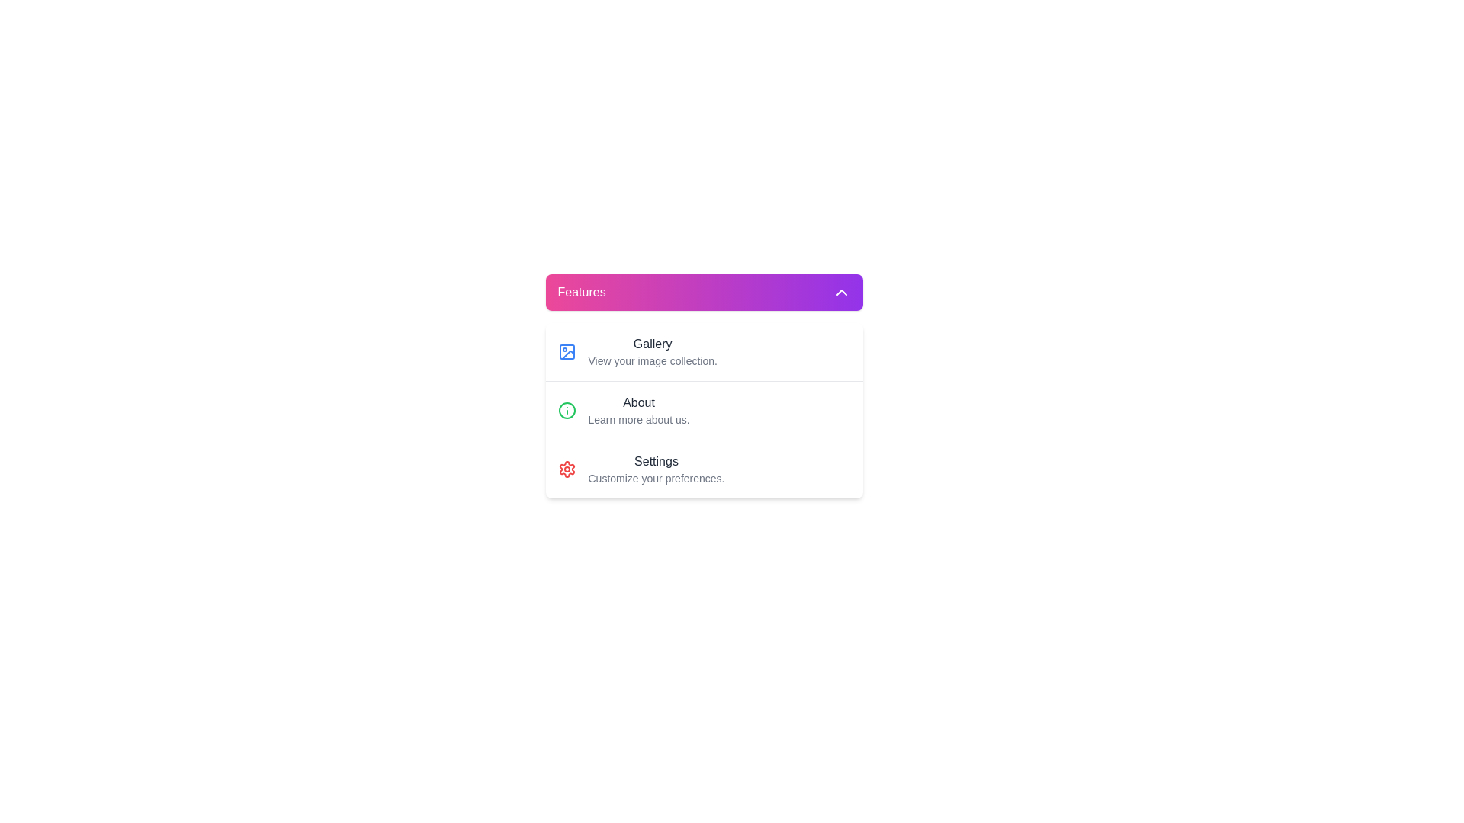  I want to click on the decorative component of the icon representing the Gallery feature located in the top left corner of the Gallery list item within the features section, so click(566, 352).